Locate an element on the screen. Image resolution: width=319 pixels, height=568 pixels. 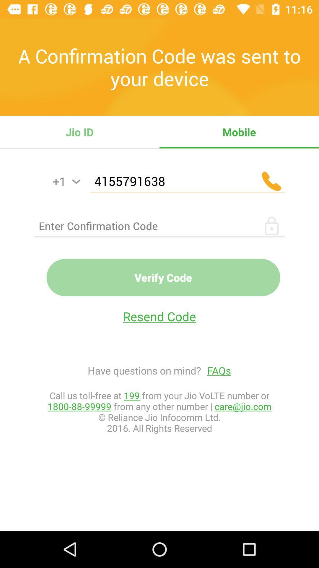
the icon to the right of have questions on icon is located at coordinates (216, 370).